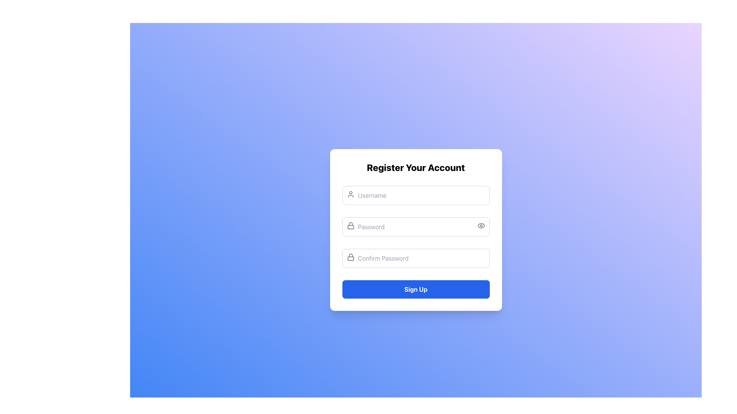 The width and height of the screenshot is (737, 414). I want to click on the outer elliptical shell of the eye icon located inside the password field on the registration form, so click(481, 225).